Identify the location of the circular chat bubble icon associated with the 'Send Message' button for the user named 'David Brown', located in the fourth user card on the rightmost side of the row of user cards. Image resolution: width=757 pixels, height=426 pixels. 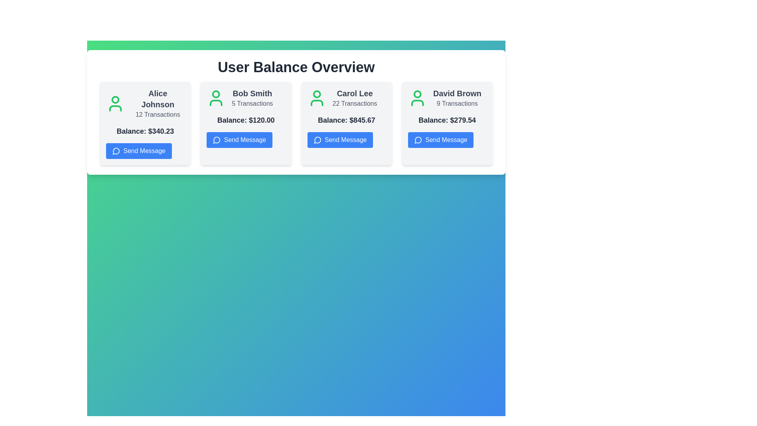
(418, 140).